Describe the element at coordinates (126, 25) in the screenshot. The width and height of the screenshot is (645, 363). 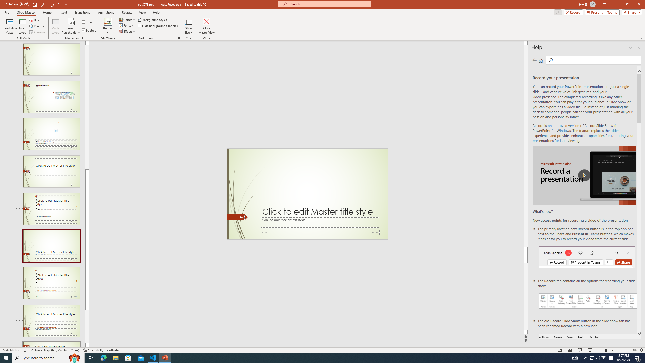
I see `'Fonts'` at that location.